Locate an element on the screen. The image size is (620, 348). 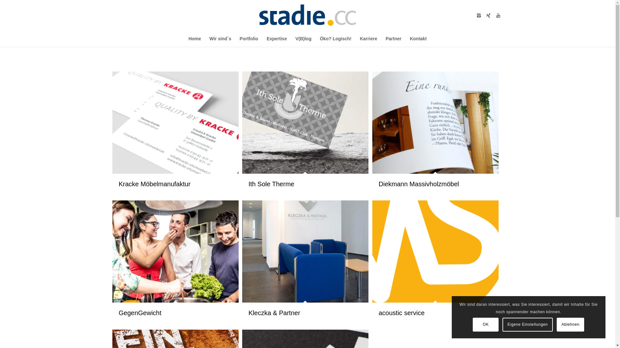
'Eigene Einstellungen' is located at coordinates (527, 324).